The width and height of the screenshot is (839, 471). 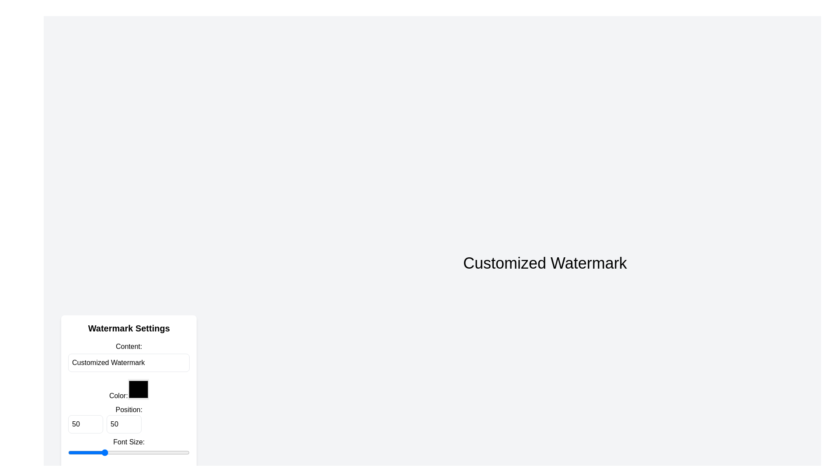 What do you see at coordinates (132, 452) in the screenshot?
I see `the font size` at bounding box center [132, 452].